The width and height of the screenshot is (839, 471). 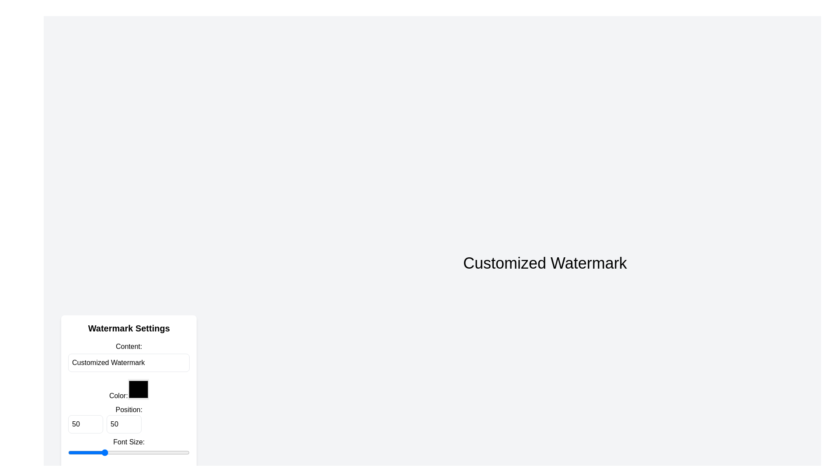 What do you see at coordinates (132, 452) in the screenshot?
I see `the font size` at bounding box center [132, 452].